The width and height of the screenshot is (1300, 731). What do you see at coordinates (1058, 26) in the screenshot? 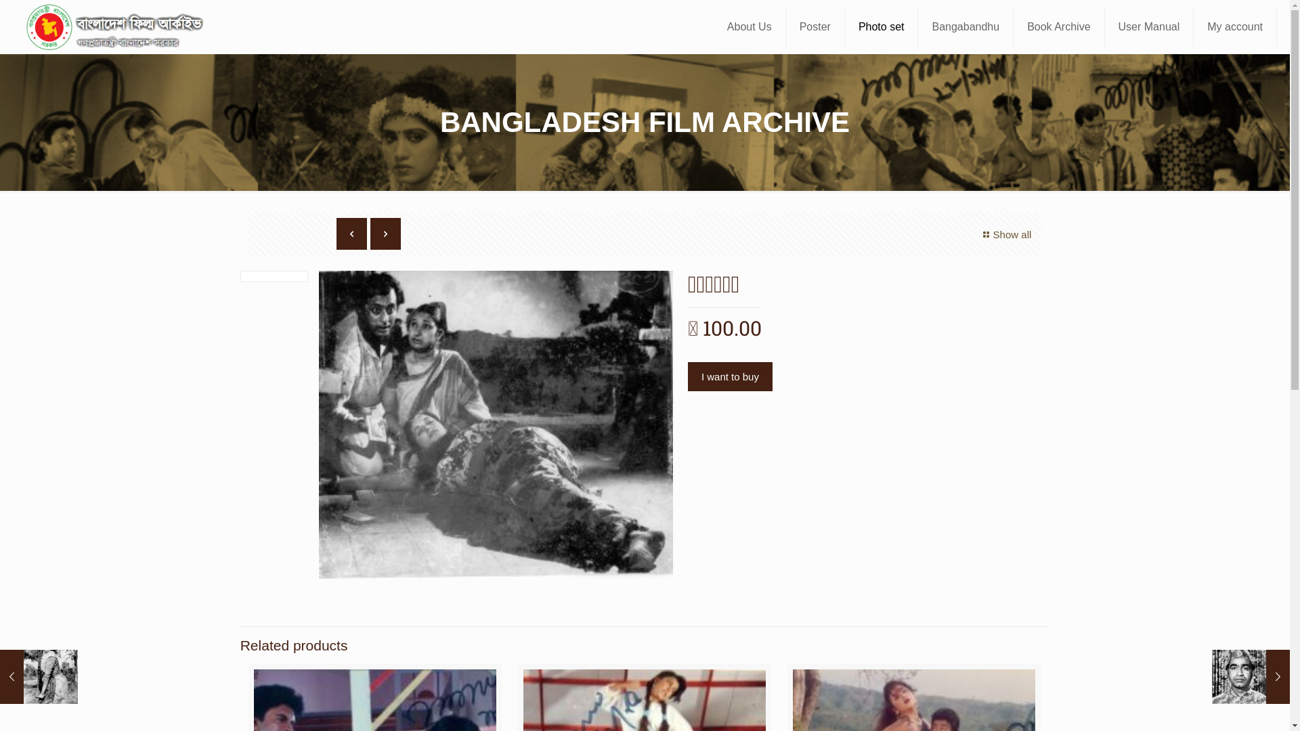
I see `'Book Archive'` at bounding box center [1058, 26].